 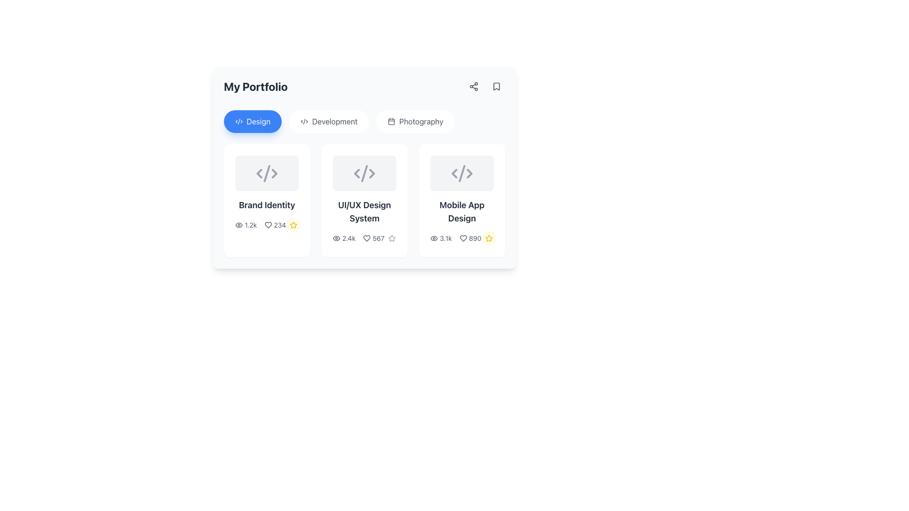 I want to click on the share icon represented by three interconnected circles in the upper right corner of the white card interface, so click(x=474, y=86).